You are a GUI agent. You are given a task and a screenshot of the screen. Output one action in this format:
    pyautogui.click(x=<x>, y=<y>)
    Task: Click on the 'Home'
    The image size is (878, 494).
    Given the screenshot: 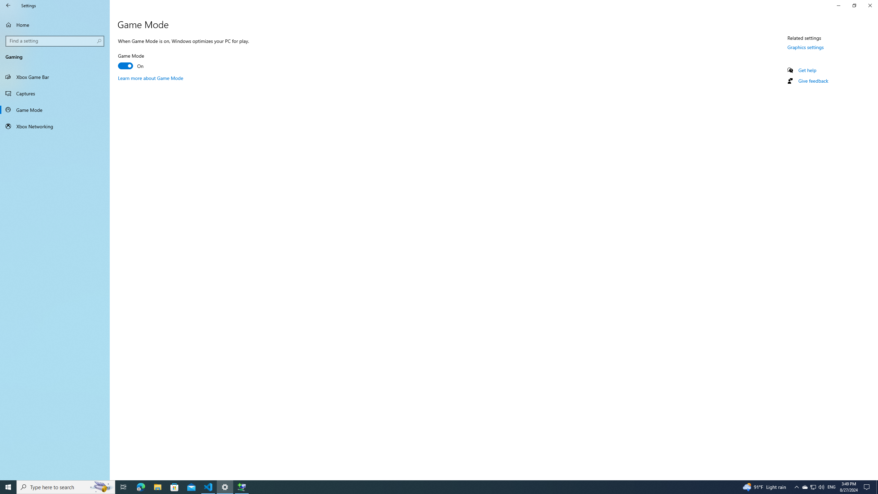 What is the action you would take?
    pyautogui.click(x=55, y=25)
    